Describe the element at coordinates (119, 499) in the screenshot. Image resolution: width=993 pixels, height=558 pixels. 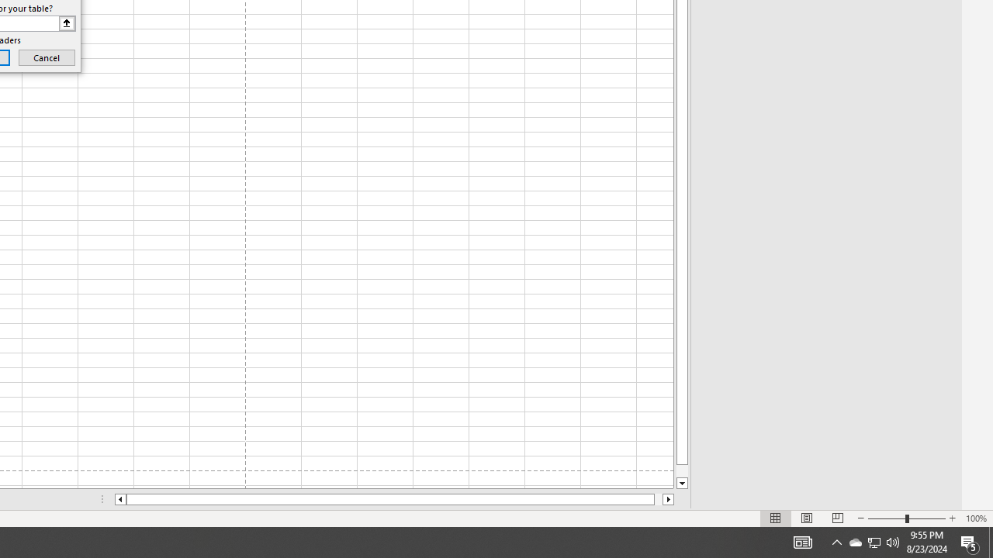
I see `'Column left'` at that location.